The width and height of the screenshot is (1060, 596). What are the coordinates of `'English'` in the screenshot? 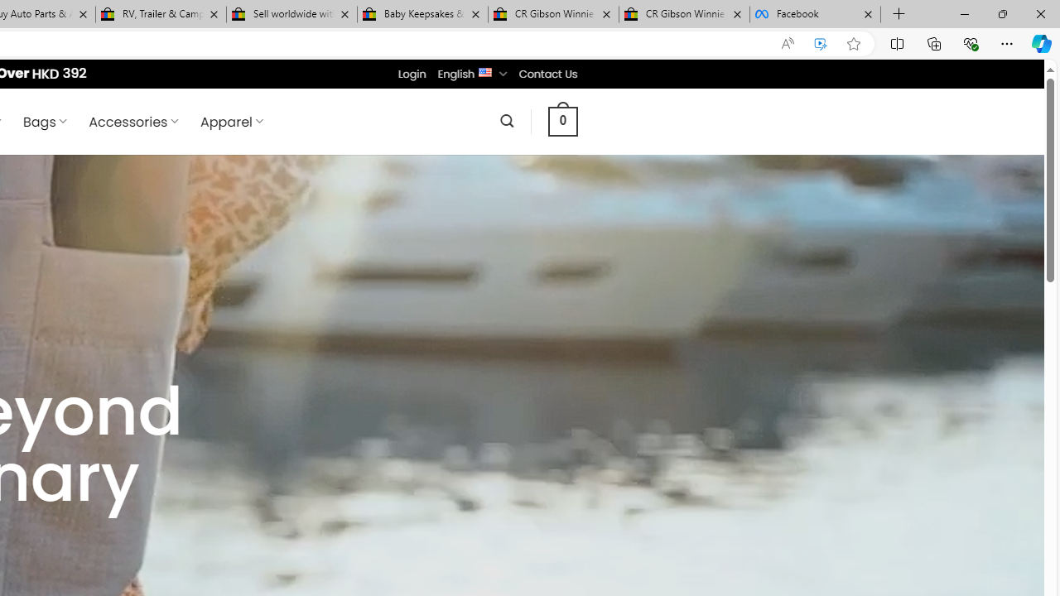 It's located at (484, 70).